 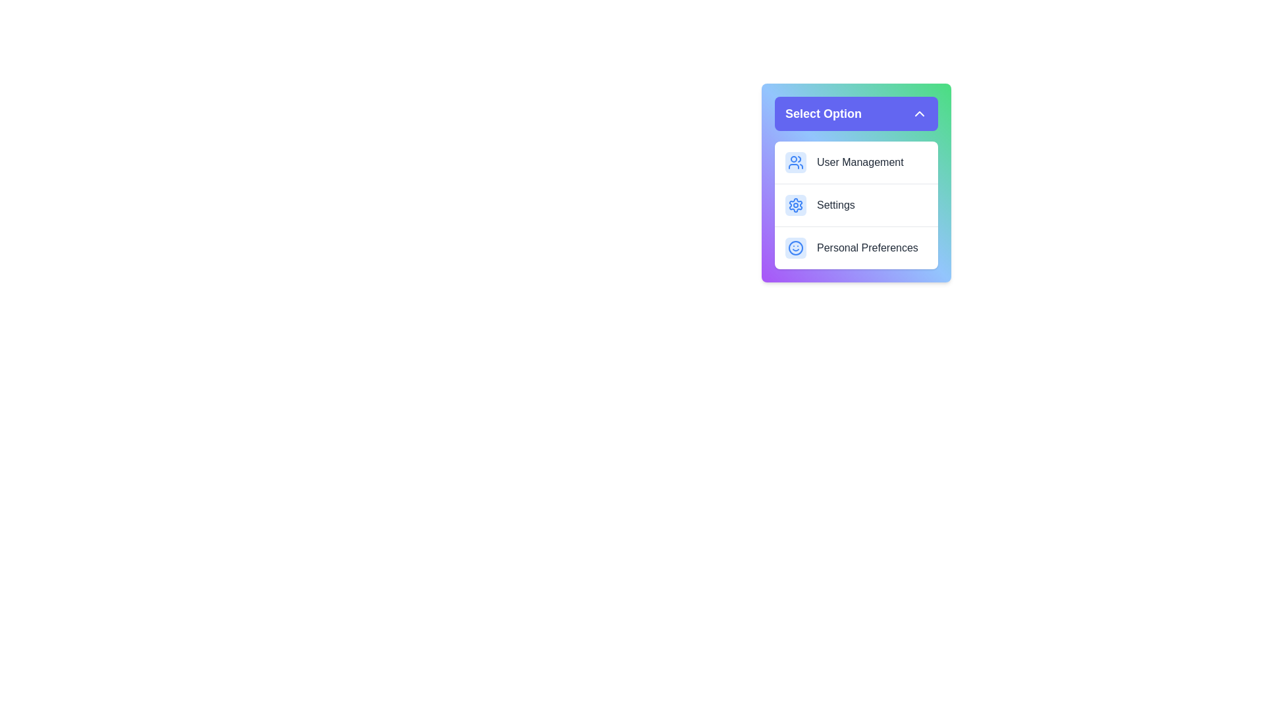 What do you see at coordinates (867, 248) in the screenshot?
I see `text of the 'Personal Preferences' label, which is a medium-weight, gray-colored text in a base-sized font located in a vertical menu list inside a floating panel` at bounding box center [867, 248].